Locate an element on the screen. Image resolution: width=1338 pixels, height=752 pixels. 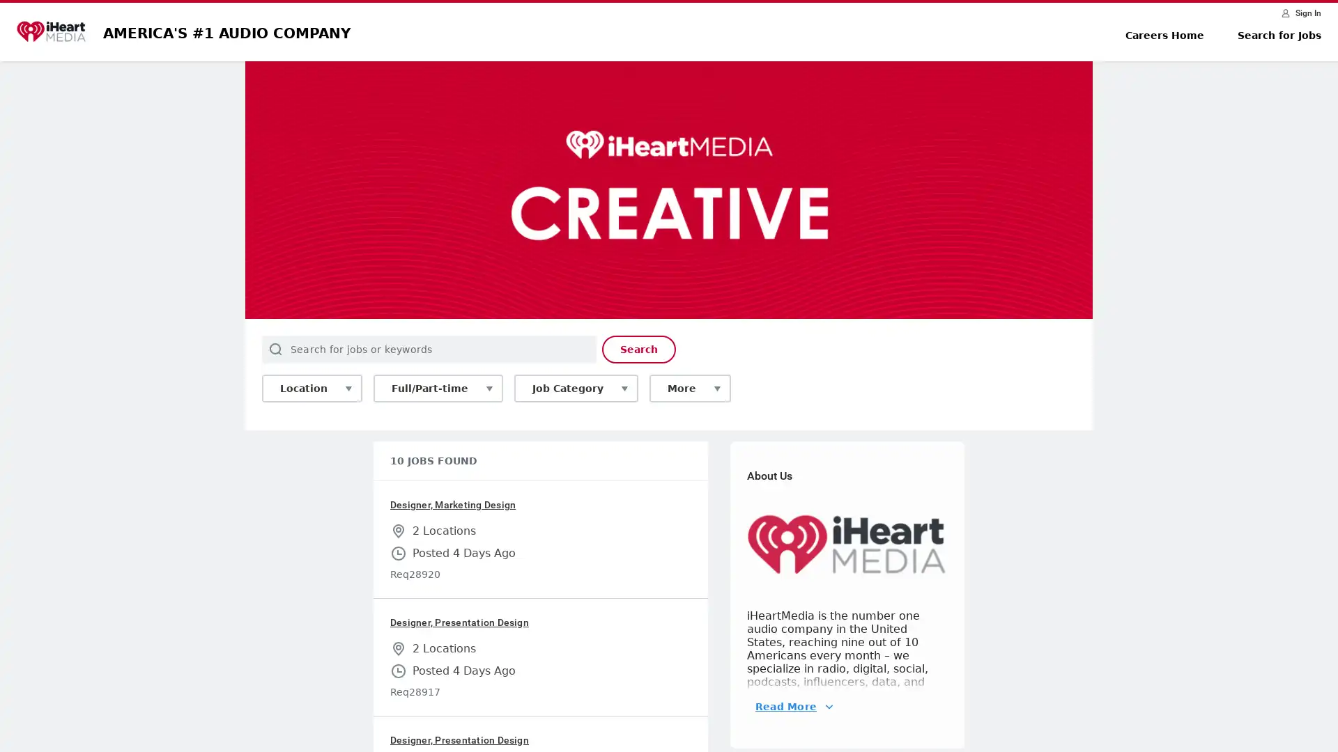
Full/Part-time is located at coordinates (422, 389).